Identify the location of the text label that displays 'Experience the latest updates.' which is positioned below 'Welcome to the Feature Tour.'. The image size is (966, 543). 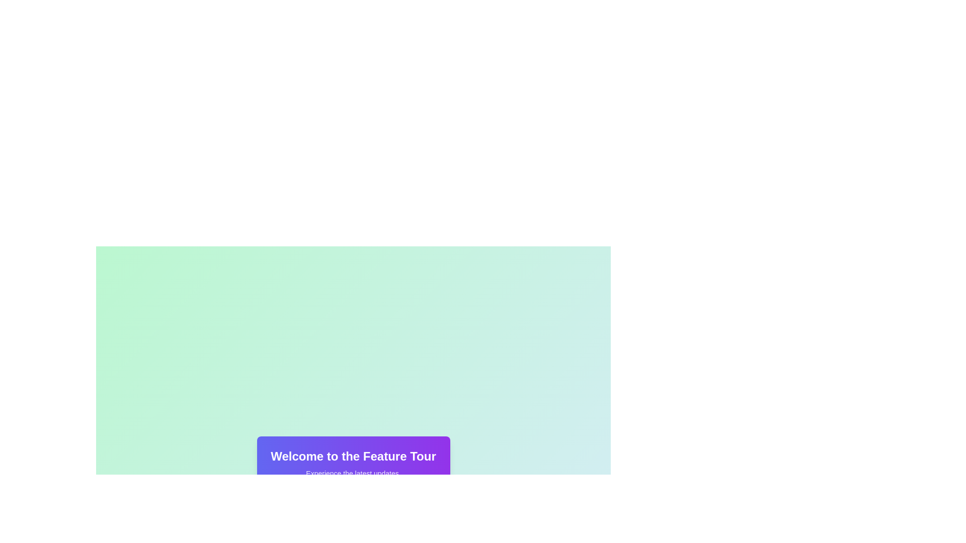
(353, 473).